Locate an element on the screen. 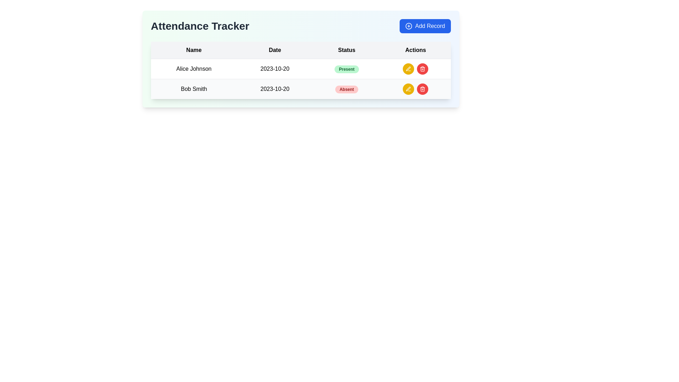  the delete button located in the Actions column of the table row corresponding to Bob Smith is located at coordinates (423, 69).